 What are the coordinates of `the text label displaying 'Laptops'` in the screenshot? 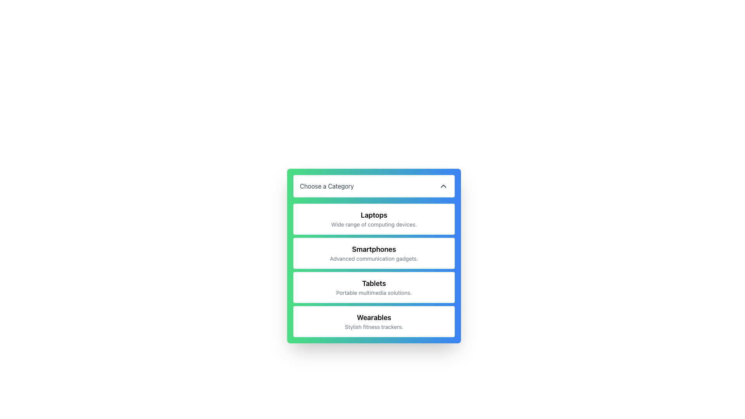 It's located at (374, 215).